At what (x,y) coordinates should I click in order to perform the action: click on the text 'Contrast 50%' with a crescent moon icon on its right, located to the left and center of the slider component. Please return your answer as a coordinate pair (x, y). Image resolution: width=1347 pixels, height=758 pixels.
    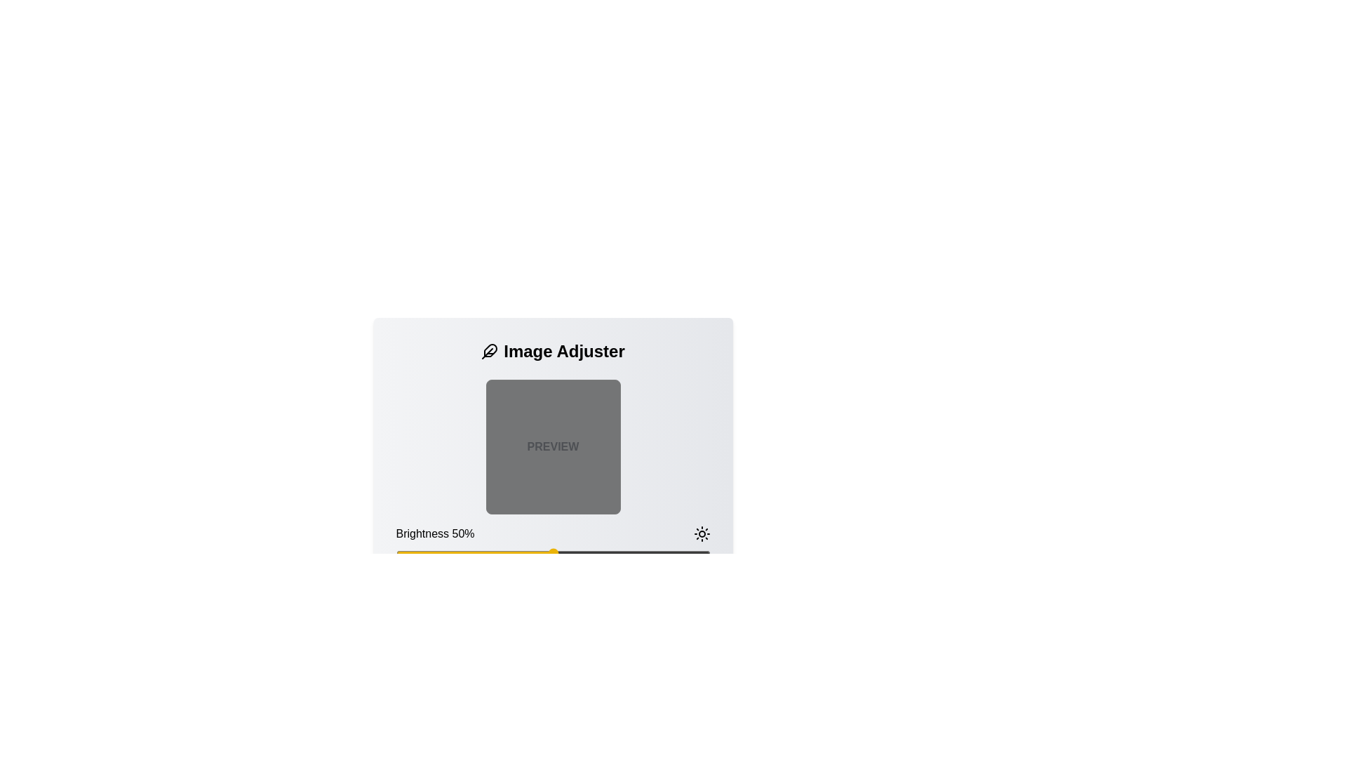
    Looking at the image, I should click on (552, 590).